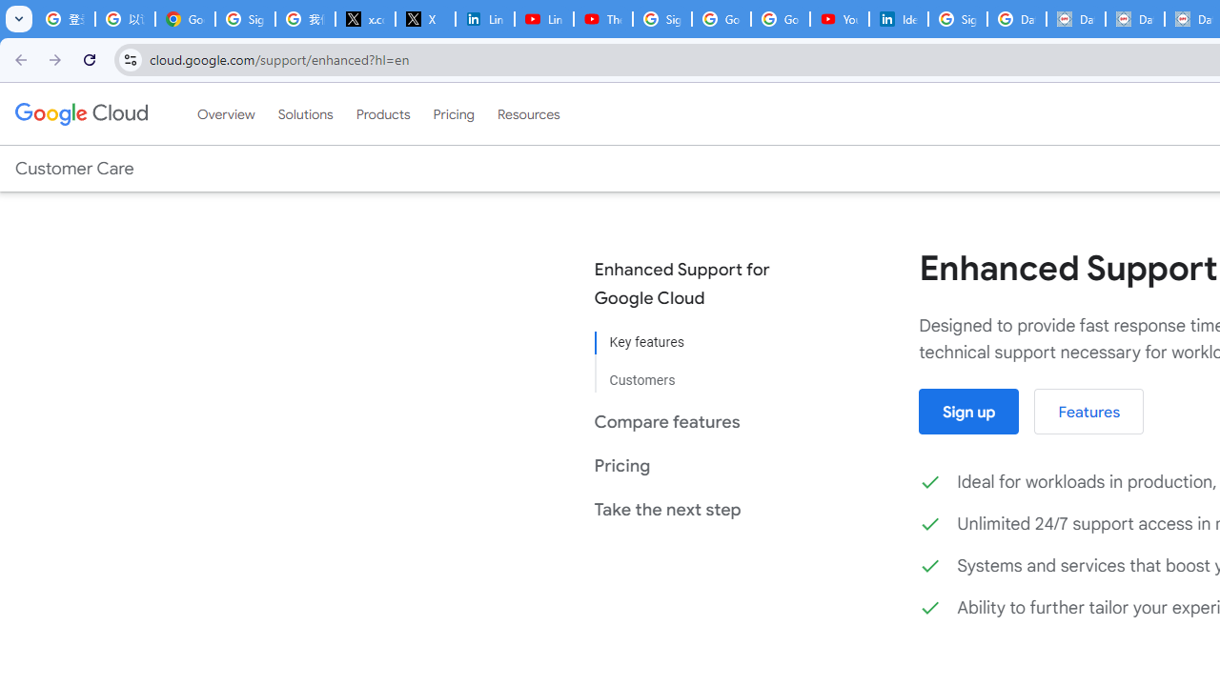  Describe the element at coordinates (381, 113) in the screenshot. I see `'Products'` at that location.